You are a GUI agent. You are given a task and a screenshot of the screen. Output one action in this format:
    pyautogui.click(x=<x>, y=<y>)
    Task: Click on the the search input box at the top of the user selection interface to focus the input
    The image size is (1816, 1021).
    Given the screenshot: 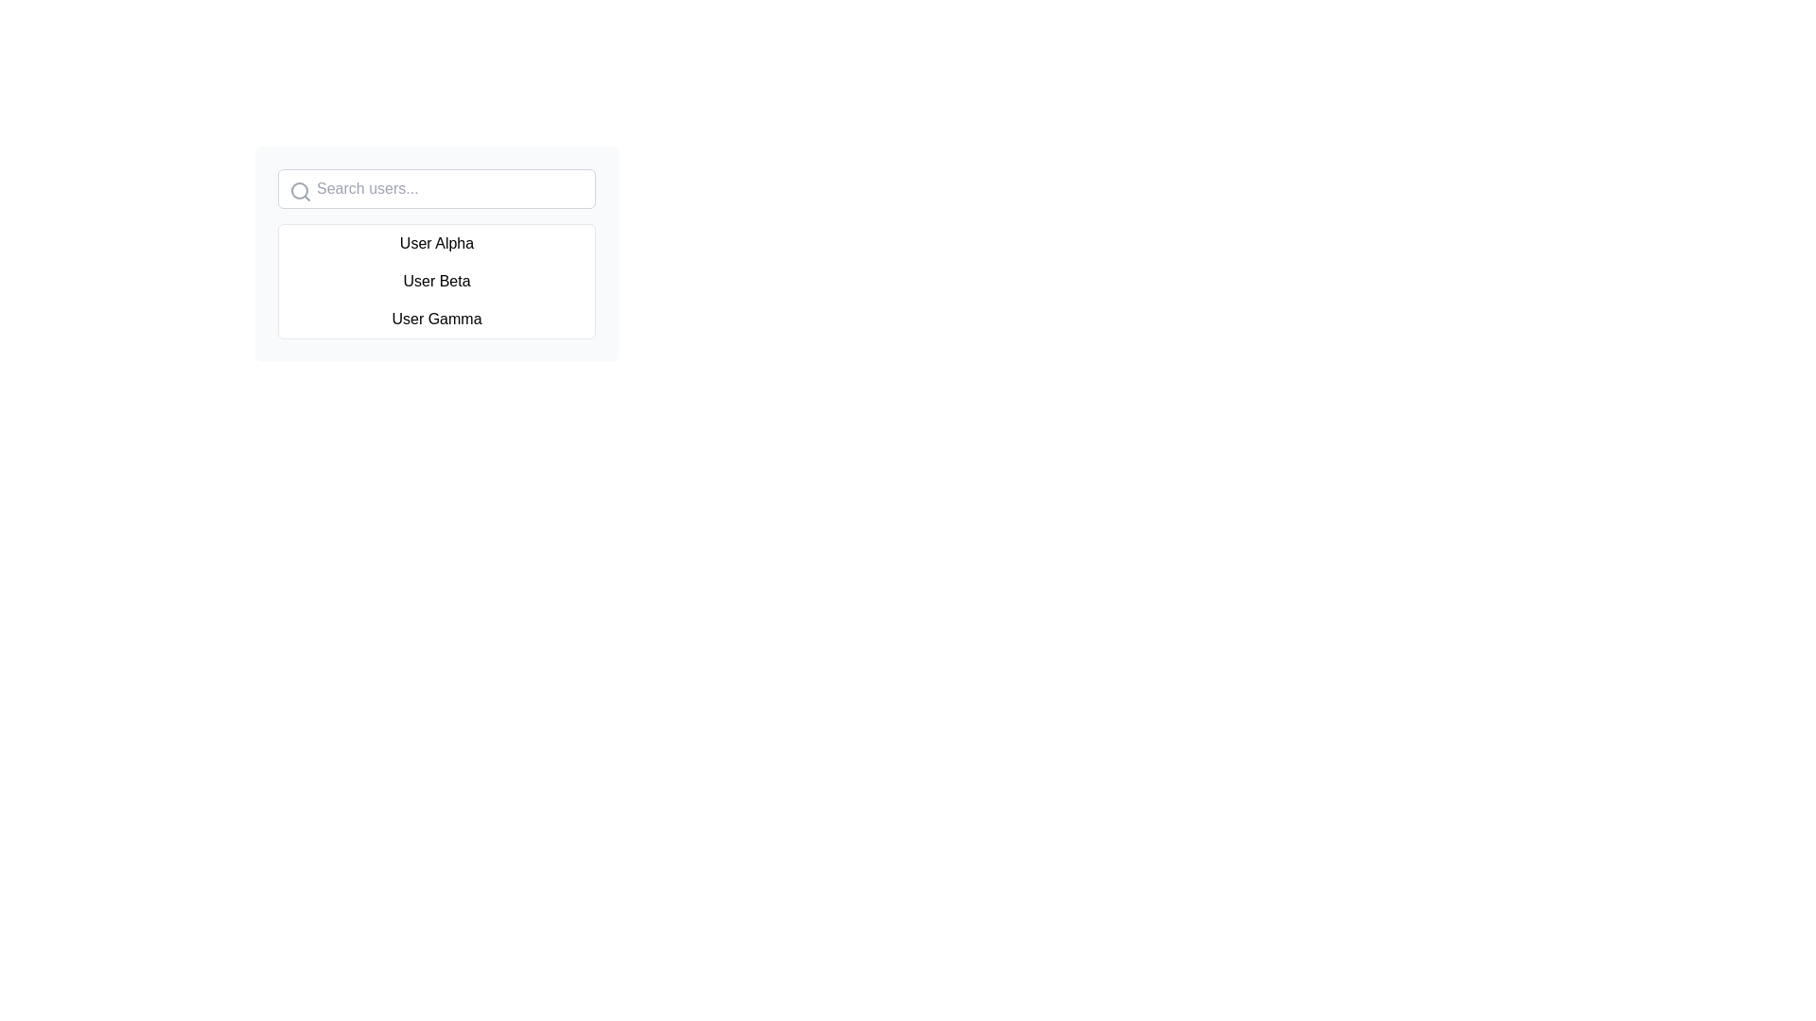 What is the action you would take?
    pyautogui.click(x=435, y=189)
    